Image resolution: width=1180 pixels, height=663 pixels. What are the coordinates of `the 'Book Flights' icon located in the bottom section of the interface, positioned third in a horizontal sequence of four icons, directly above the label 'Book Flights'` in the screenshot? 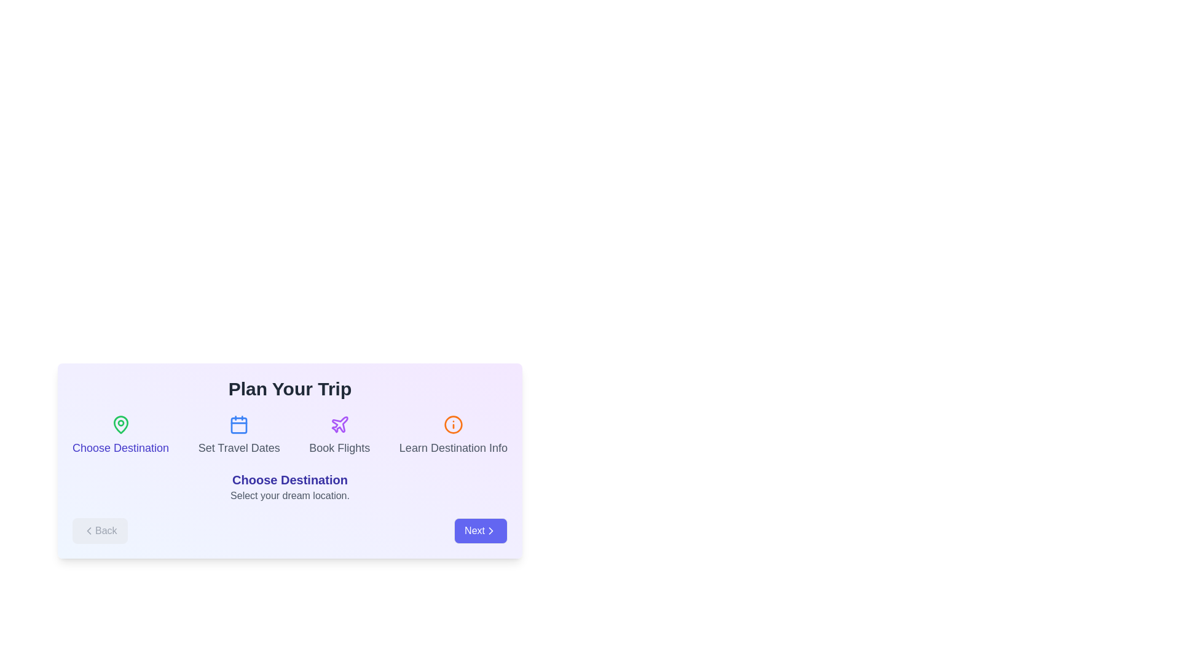 It's located at (339, 424).